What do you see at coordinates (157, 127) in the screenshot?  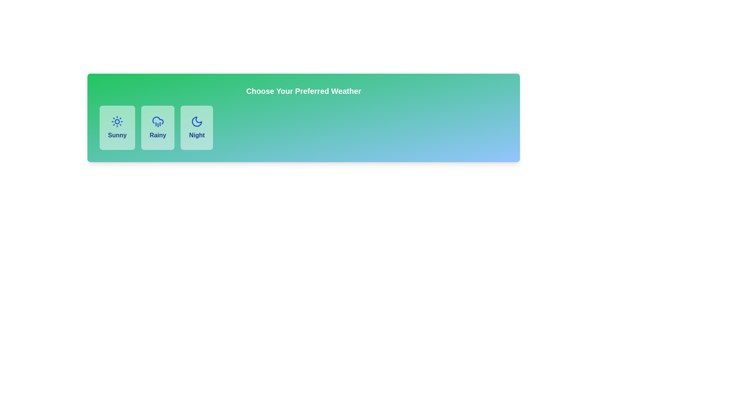 I see `the 'Rainy' button, which is a rectangular button with rounded corners featuring a blue cloud-and-rain icon, located between the 'Sunny' and 'Night' buttons` at bounding box center [157, 127].